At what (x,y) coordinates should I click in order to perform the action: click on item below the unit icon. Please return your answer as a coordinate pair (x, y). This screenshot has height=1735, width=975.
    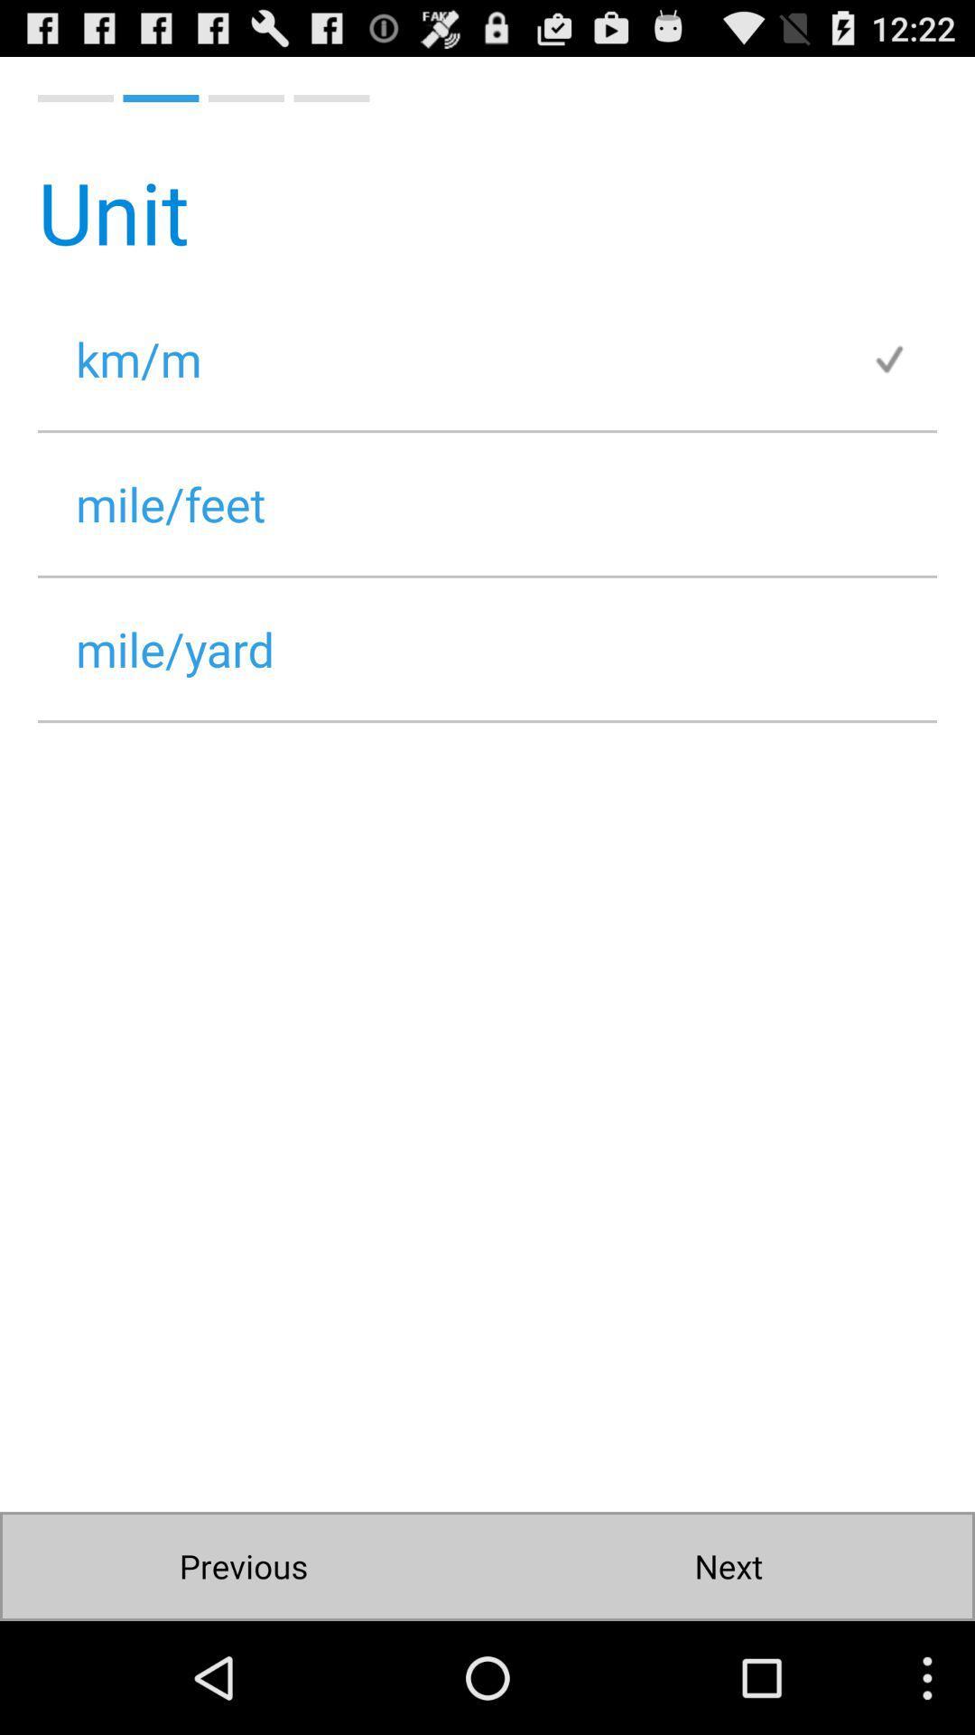
    Looking at the image, I should click on (904, 359).